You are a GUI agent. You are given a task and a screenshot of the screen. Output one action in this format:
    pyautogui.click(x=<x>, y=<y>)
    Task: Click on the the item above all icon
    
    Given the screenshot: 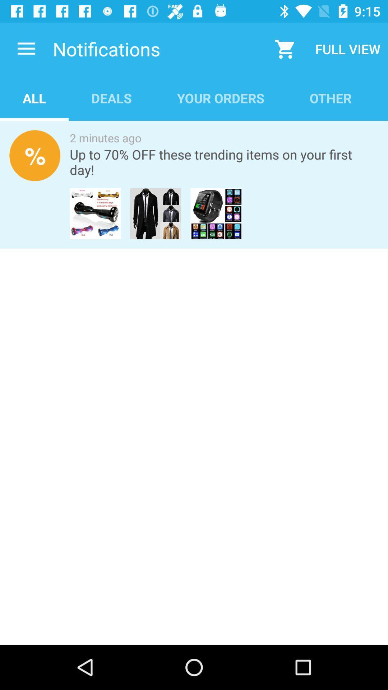 What is the action you would take?
    pyautogui.click(x=26, y=49)
    